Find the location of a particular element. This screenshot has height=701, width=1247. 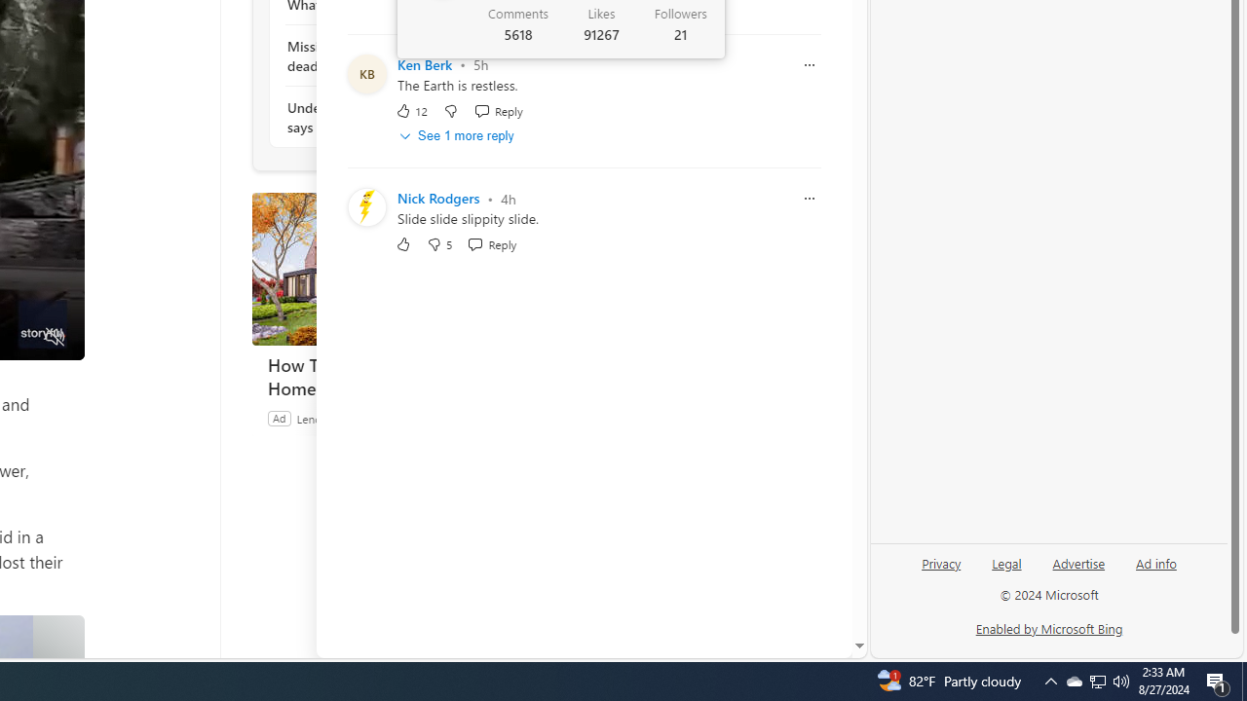

'Reply Reply Comment' is located at coordinates (492, 243).